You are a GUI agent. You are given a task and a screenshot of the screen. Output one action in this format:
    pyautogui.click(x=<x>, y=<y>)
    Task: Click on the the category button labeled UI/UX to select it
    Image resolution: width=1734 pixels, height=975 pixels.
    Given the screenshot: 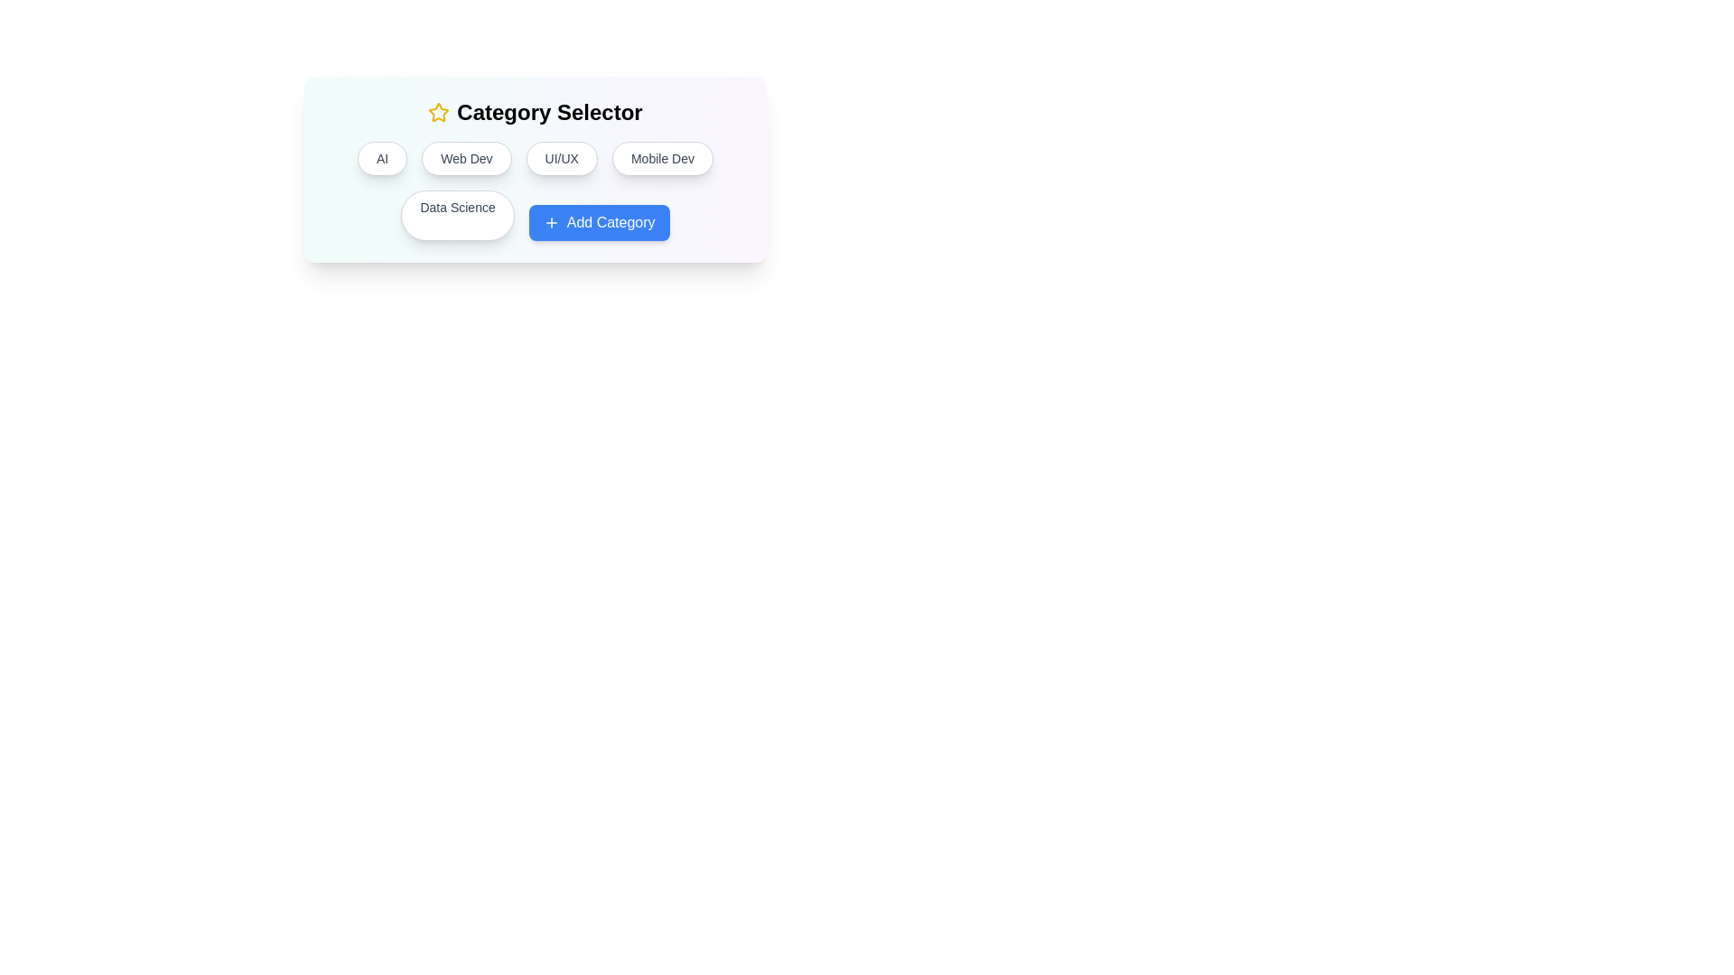 What is the action you would take?
    pyautogui.click(x=561, y=158)
    